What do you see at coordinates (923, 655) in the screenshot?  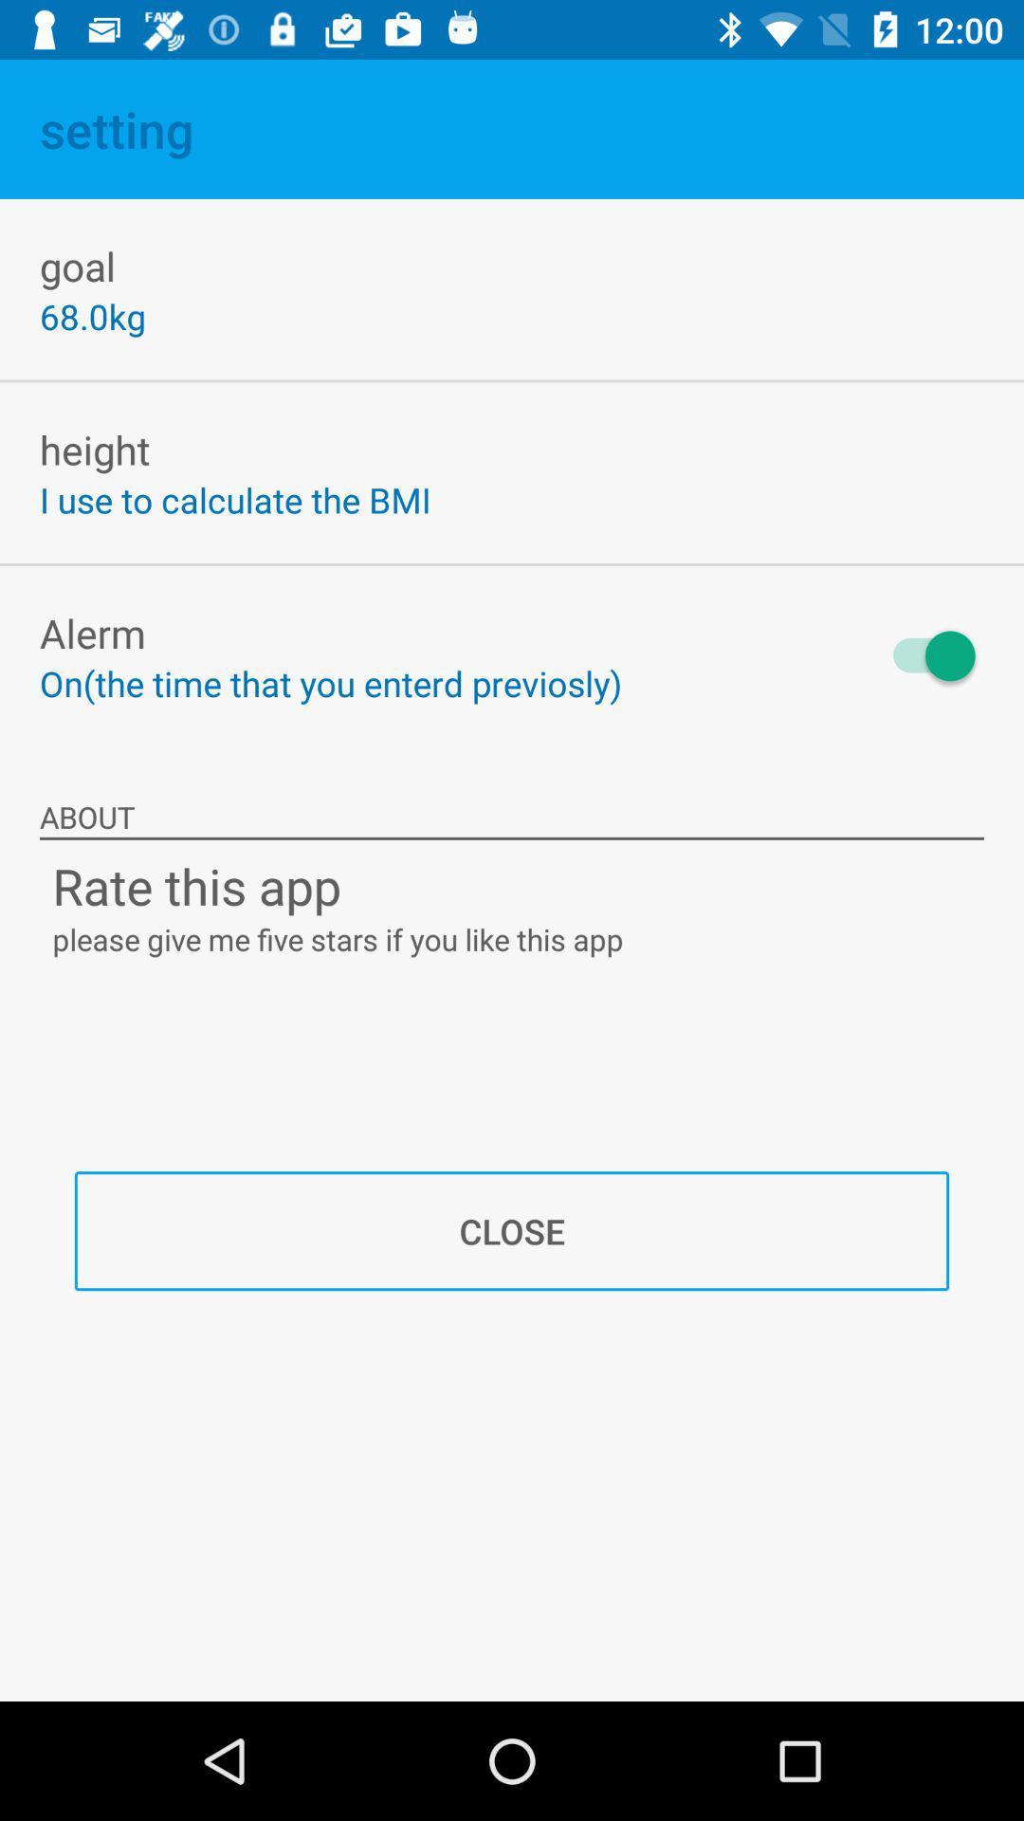 I see `the icon above about item` at bounding box center [923, 655].